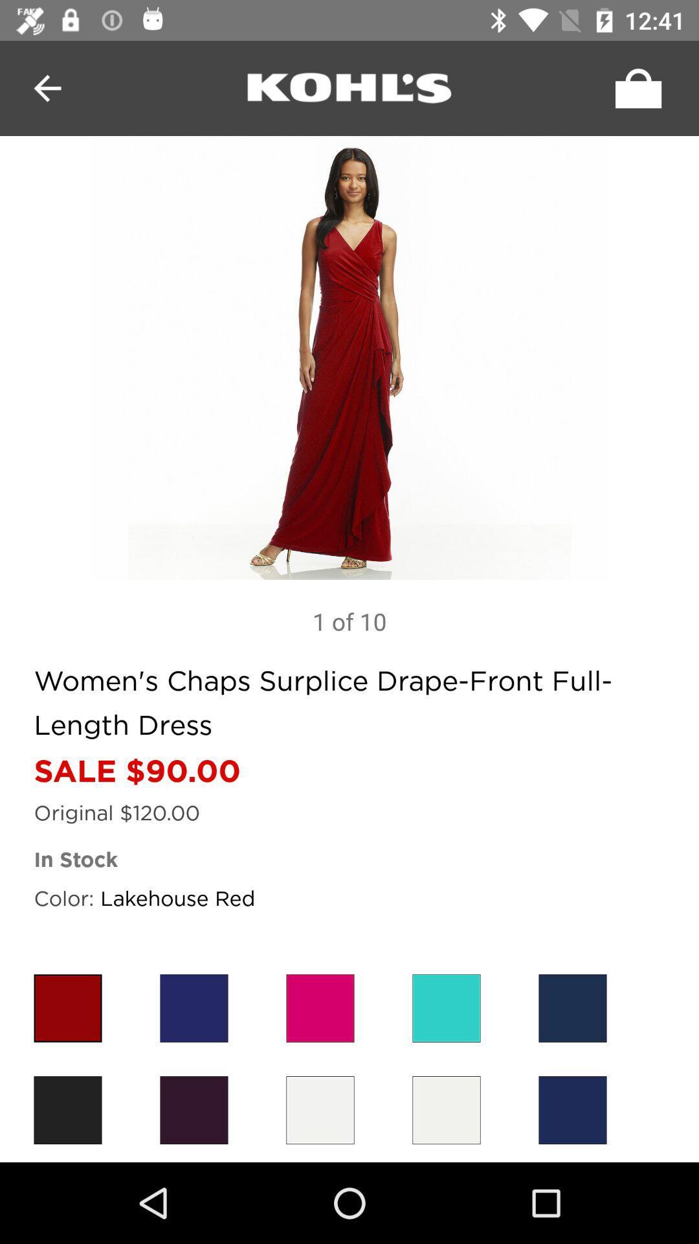 The width and height of the screenshot is (699, 1244). What do you see at coordinates (446, 1109) in the screenshot?
I see `choose the option` at bounding box center [446, 1109].